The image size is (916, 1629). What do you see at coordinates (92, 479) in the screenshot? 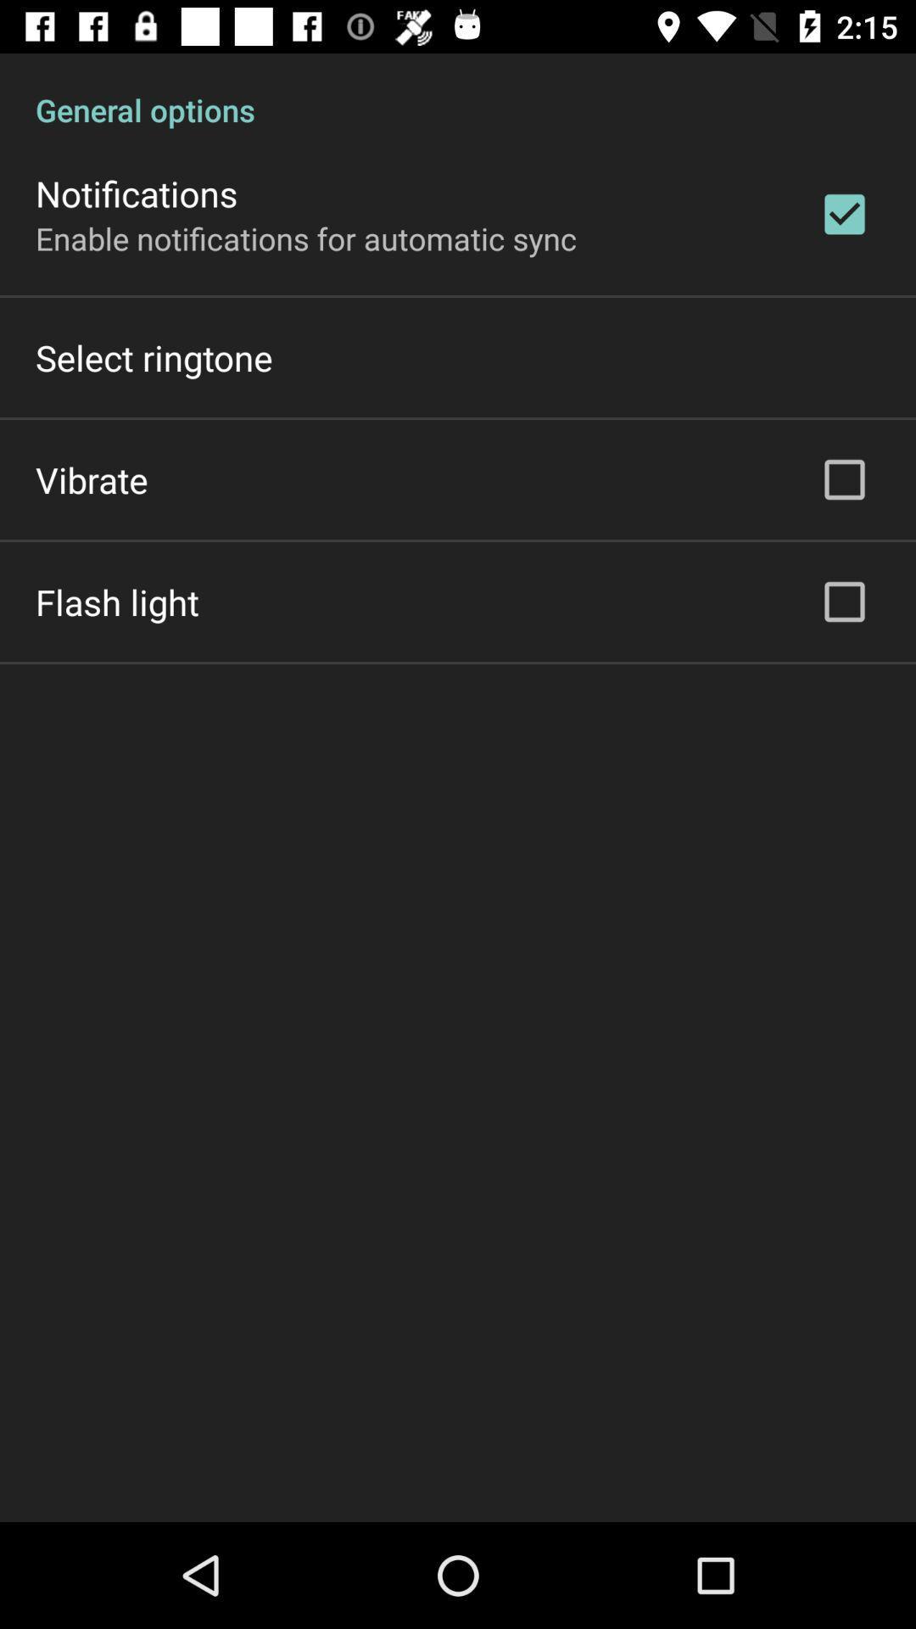
I see `the vibrate item` at bounding box center [92, 479].